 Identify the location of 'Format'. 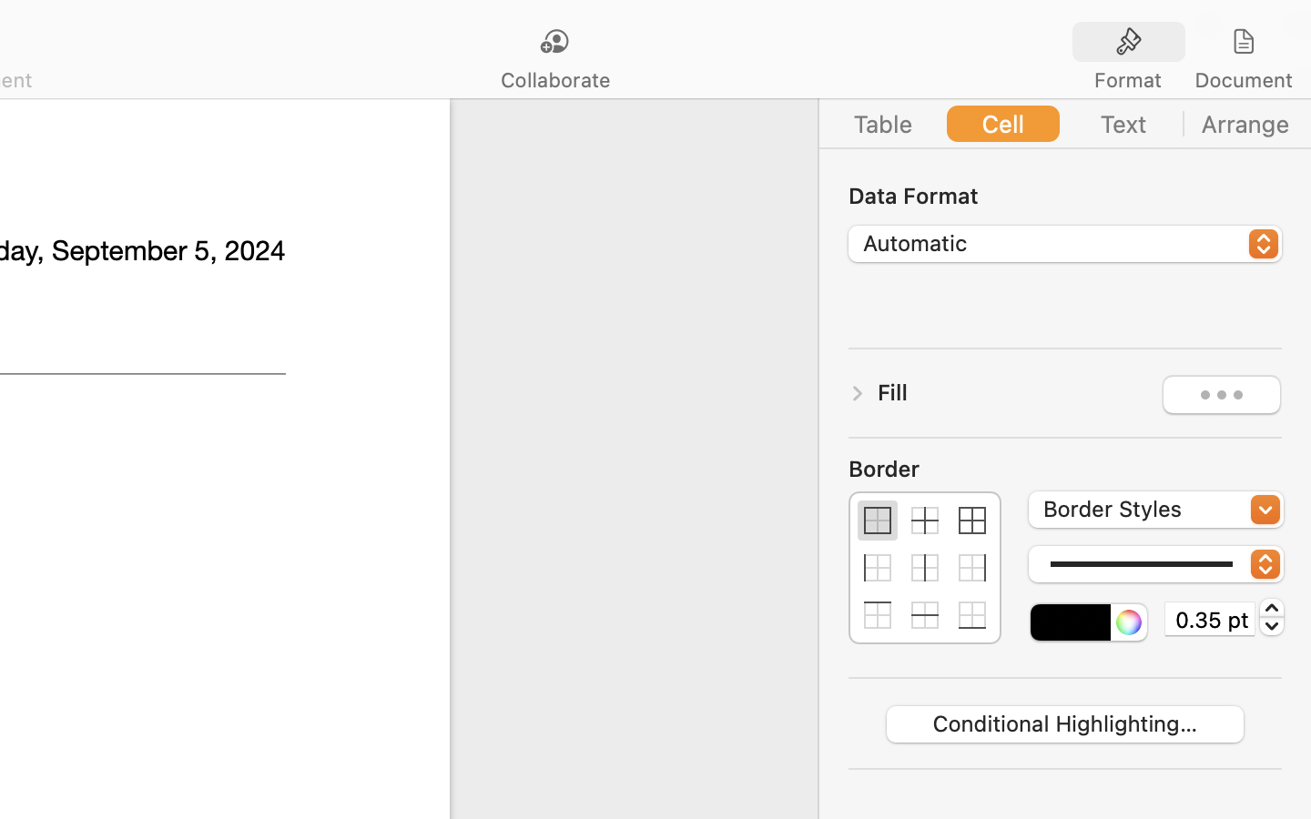
(1126, 79).